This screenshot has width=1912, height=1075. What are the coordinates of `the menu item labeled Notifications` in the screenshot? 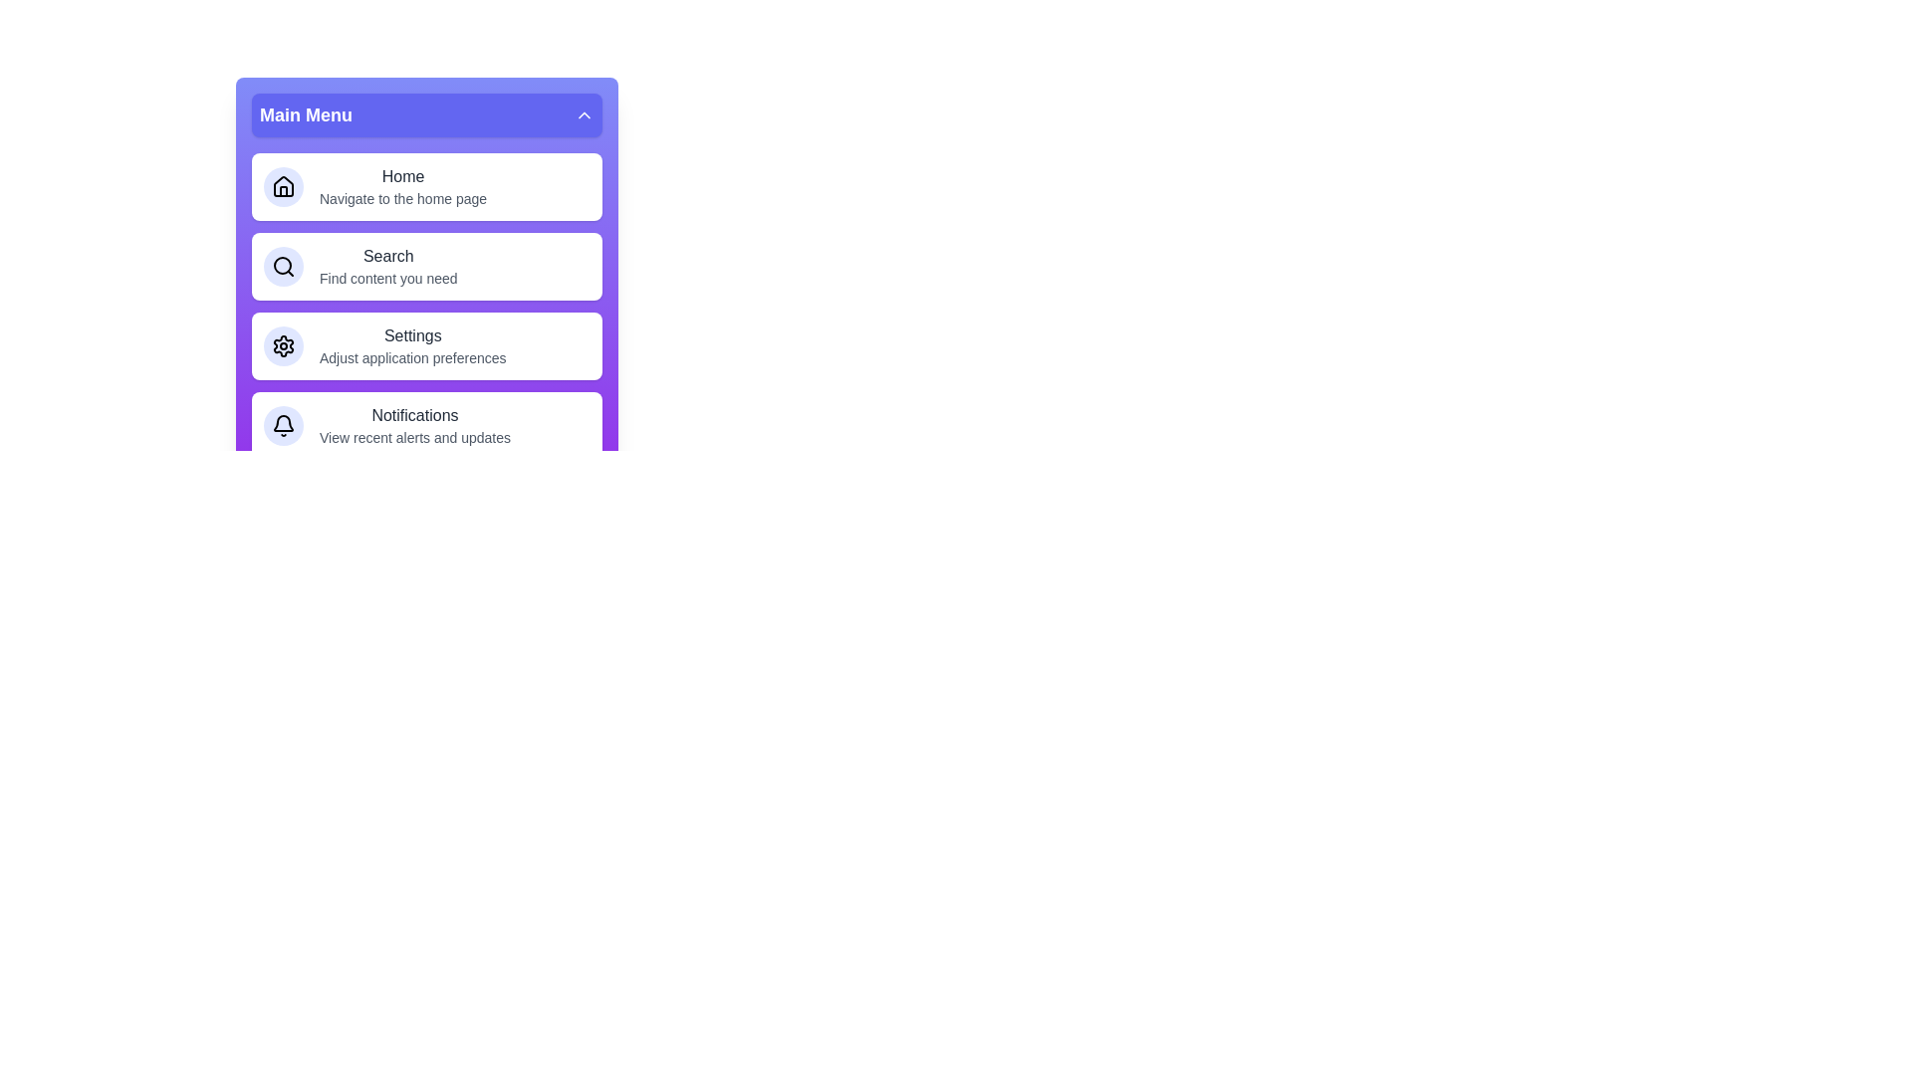 It's located at (425, 425).